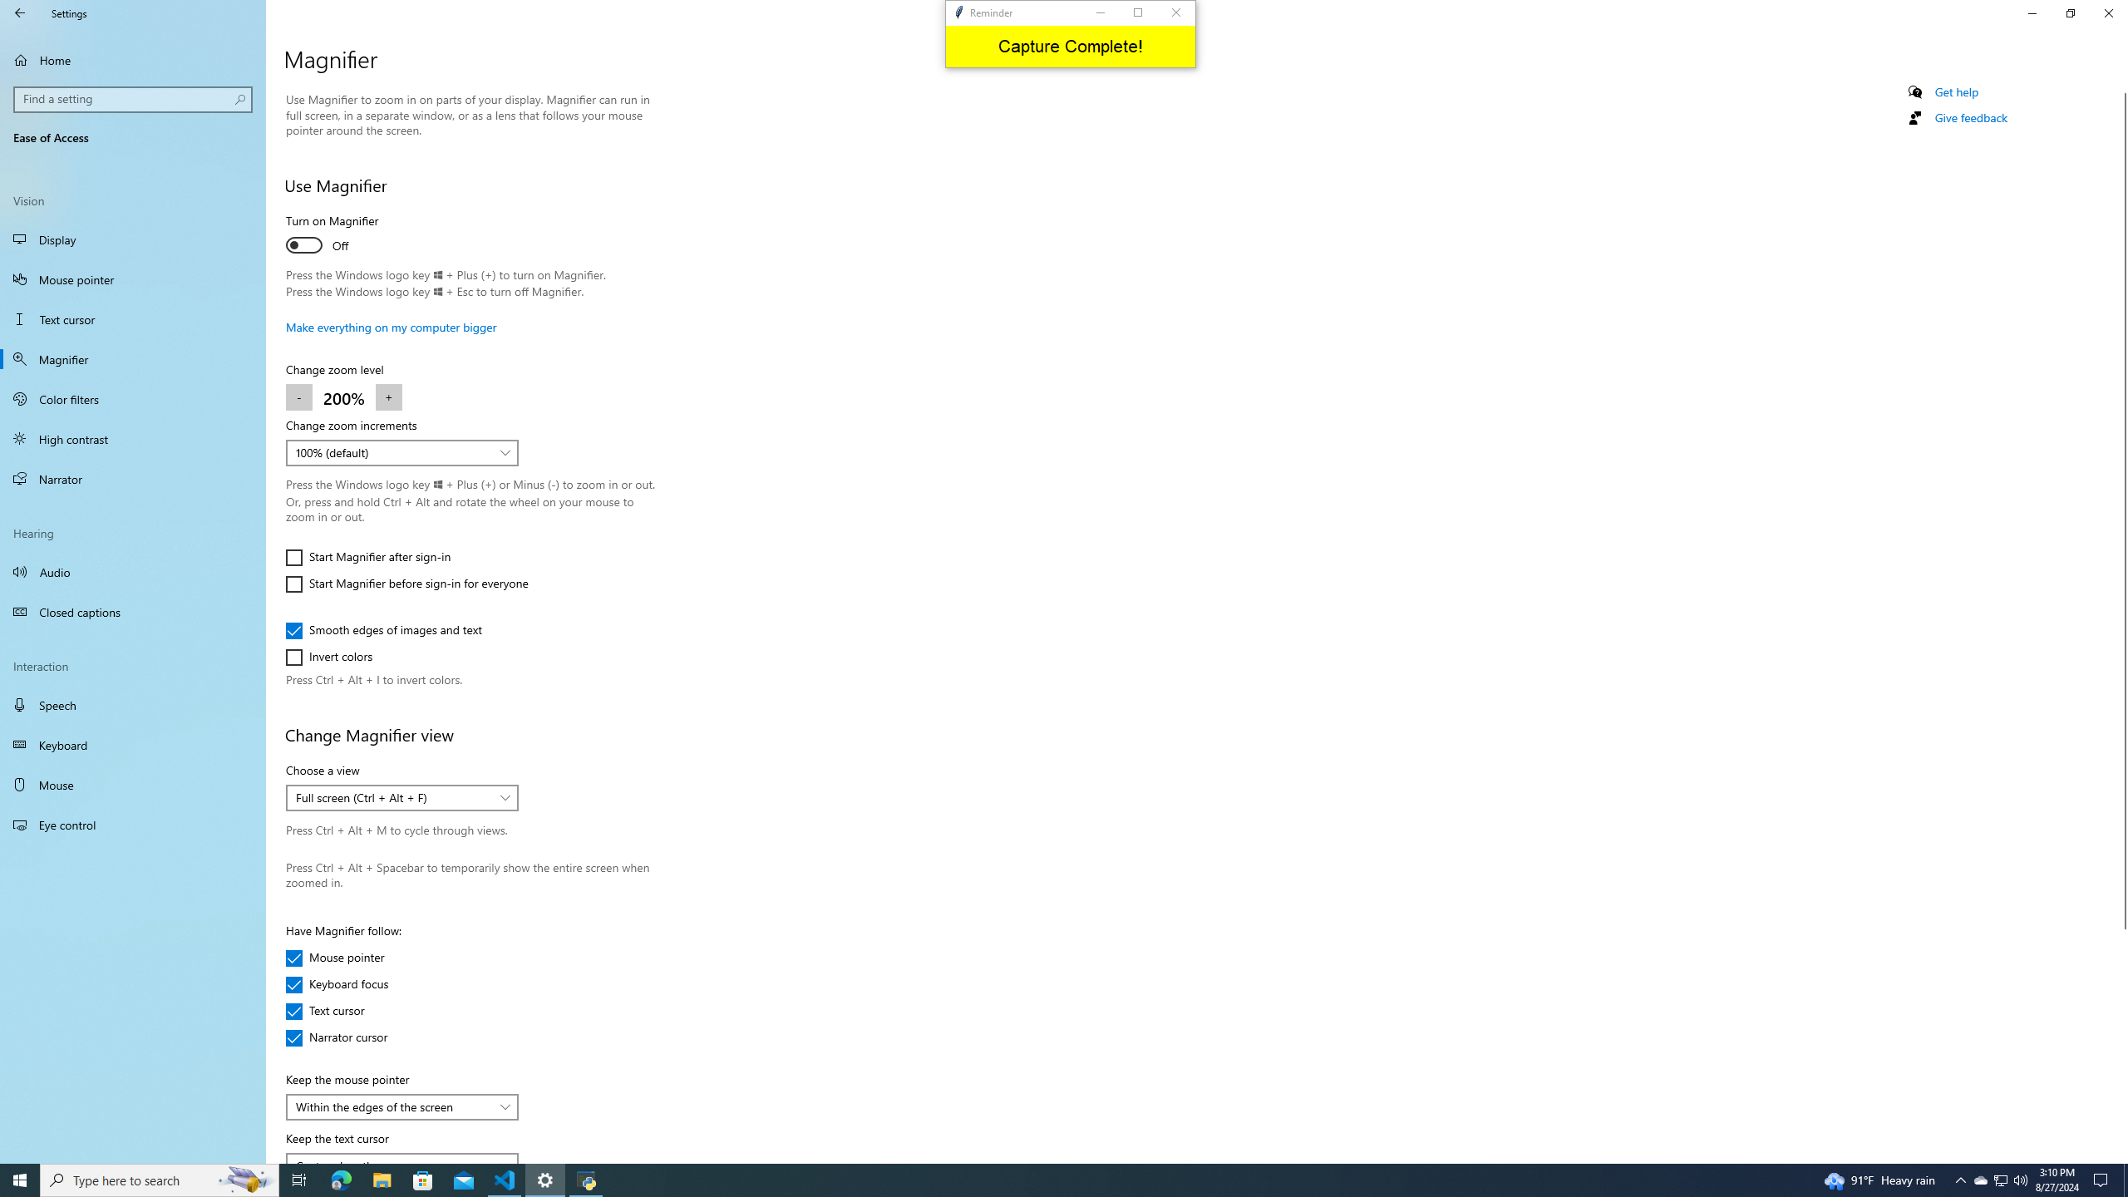 The height and width of the screenshot is (1197, 2128). What do you see at coordinates (132, 60) in the screenshot?
I see `'Home'` at bounding box center [132, 60].